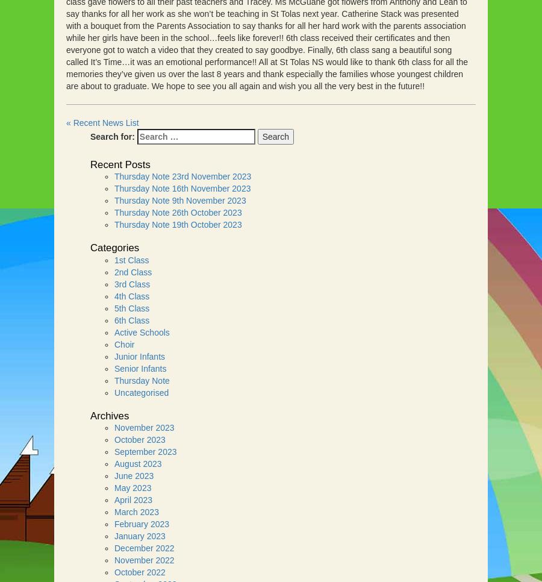 Image resolution: width=542 pixels, height=582 pixels. I want to click on 'October 2023', so click(139, 440).